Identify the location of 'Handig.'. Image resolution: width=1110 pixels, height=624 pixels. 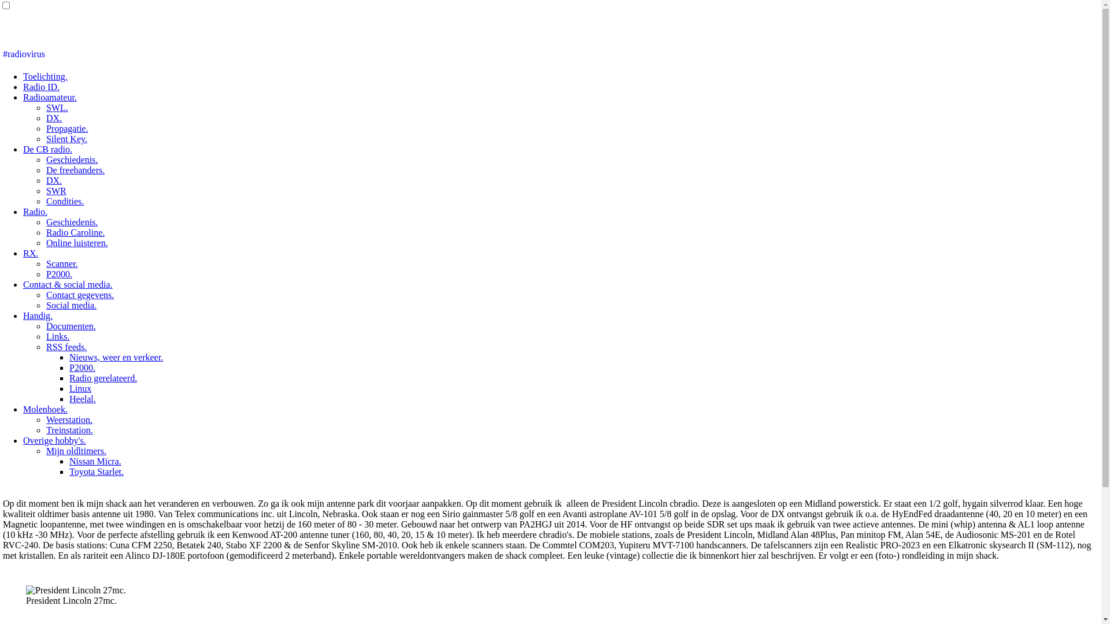
(38, 315).